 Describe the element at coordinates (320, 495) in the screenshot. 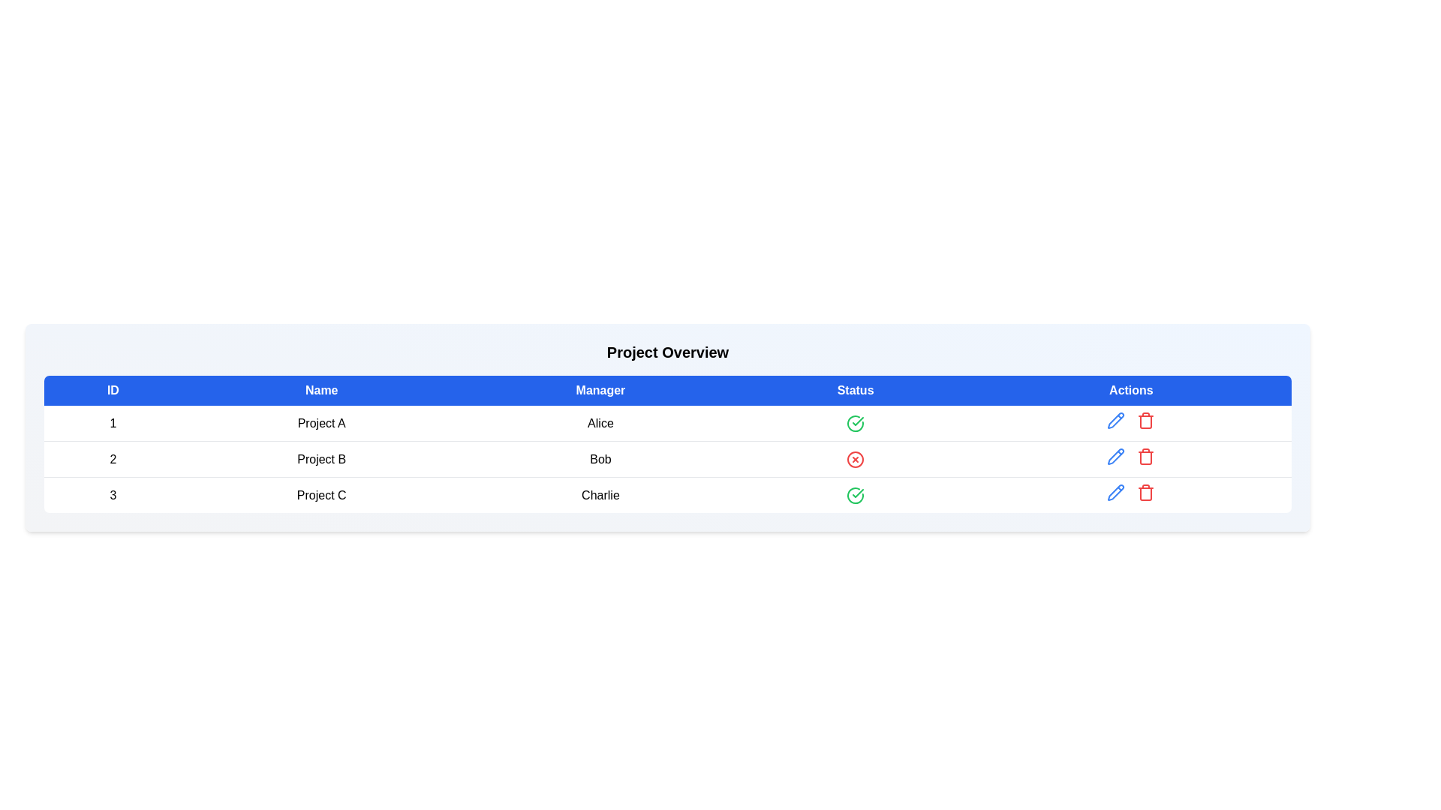

I see `the text label representing 'Project C' in the second column of the third row of the project data table` at that location.